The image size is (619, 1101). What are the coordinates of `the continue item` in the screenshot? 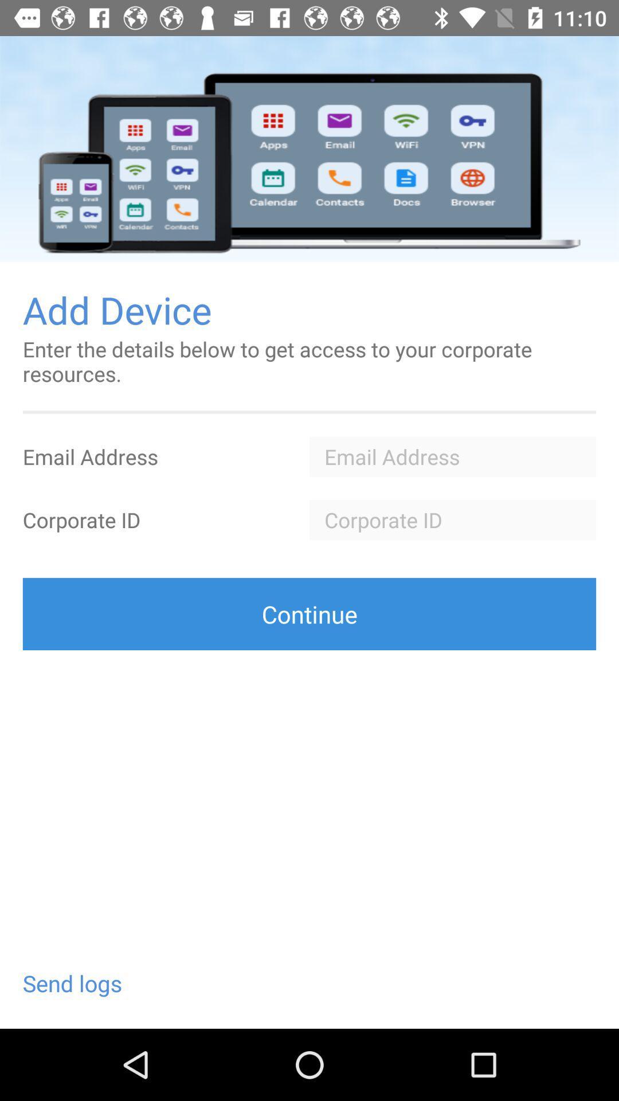 It's located at (309, 613).